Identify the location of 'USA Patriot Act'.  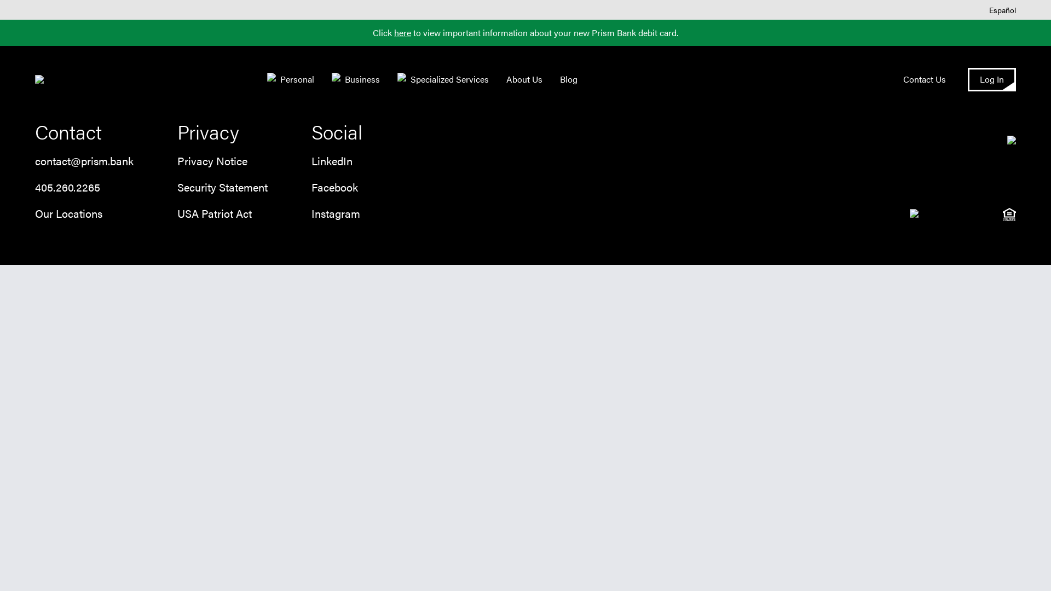
(177, 213).